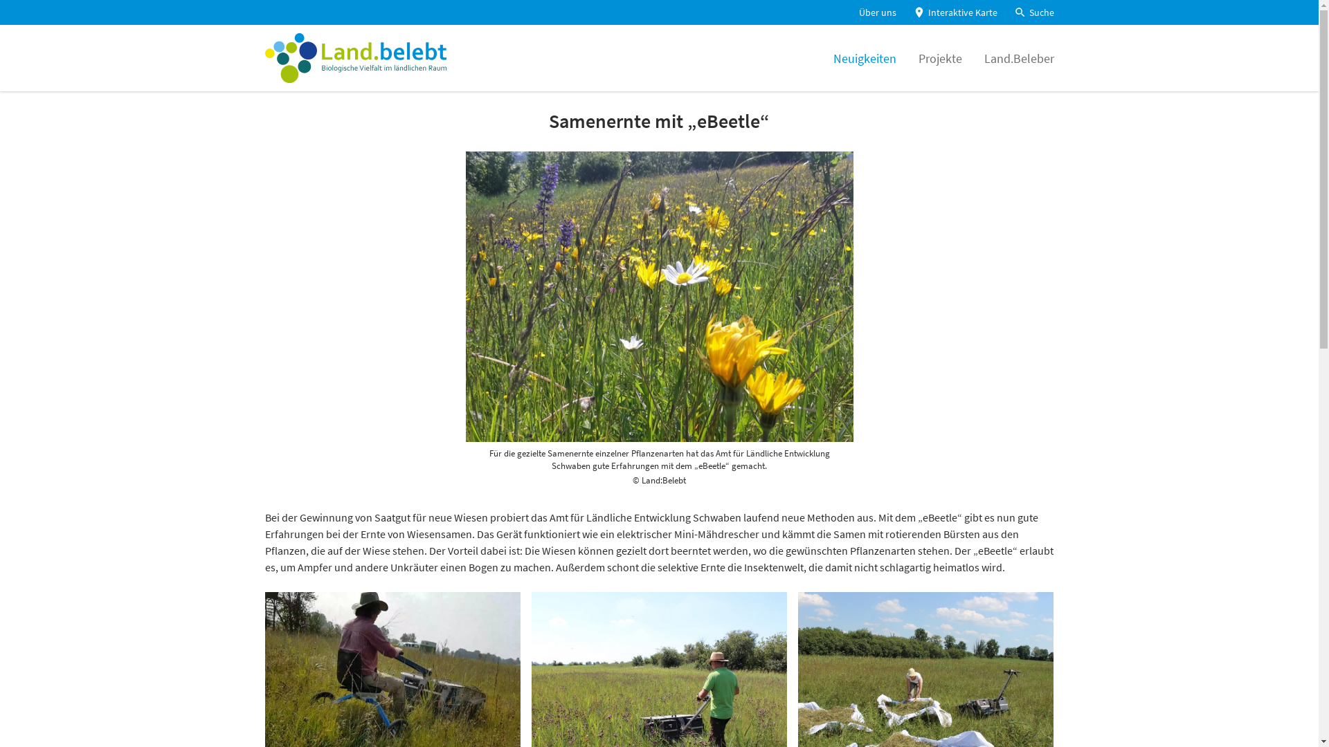  I want to click on '0', so click(17, 27).